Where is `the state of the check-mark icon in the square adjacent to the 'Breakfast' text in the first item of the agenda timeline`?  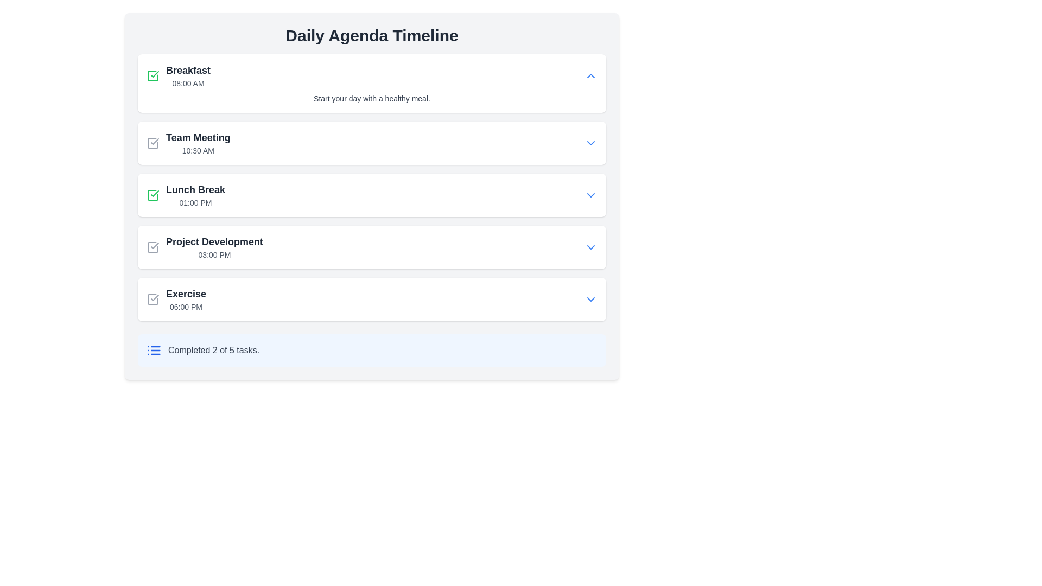 the state of the check-mark icon in the square adjacent to the 'Breakfast' text in the first item of the agenda timeline is located at coordinates (154, 193).